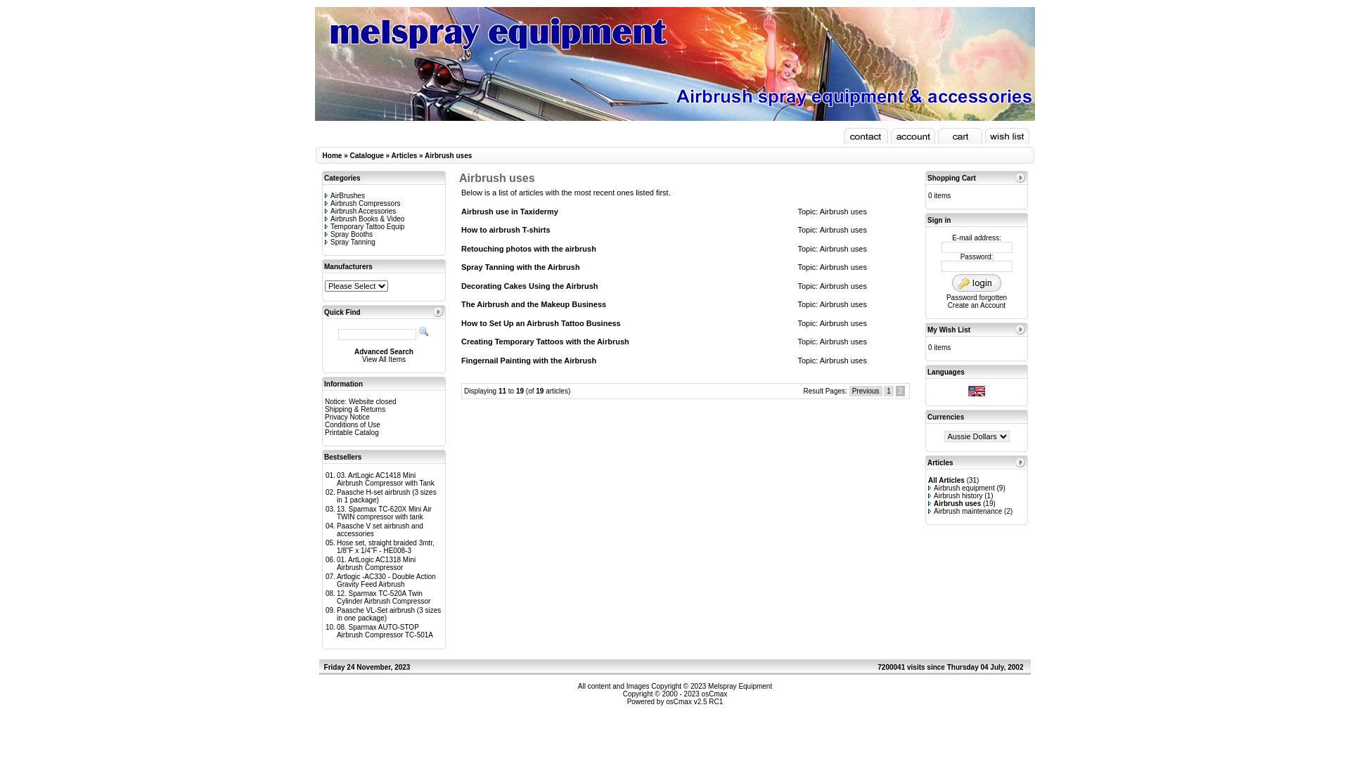 The image size is (1350, 759). Describe the element at coordinates (336, 580) in the screenshot. I see `'Artlogic -AC330 - Double Action Gravity Feed Airbrush'` at that location.